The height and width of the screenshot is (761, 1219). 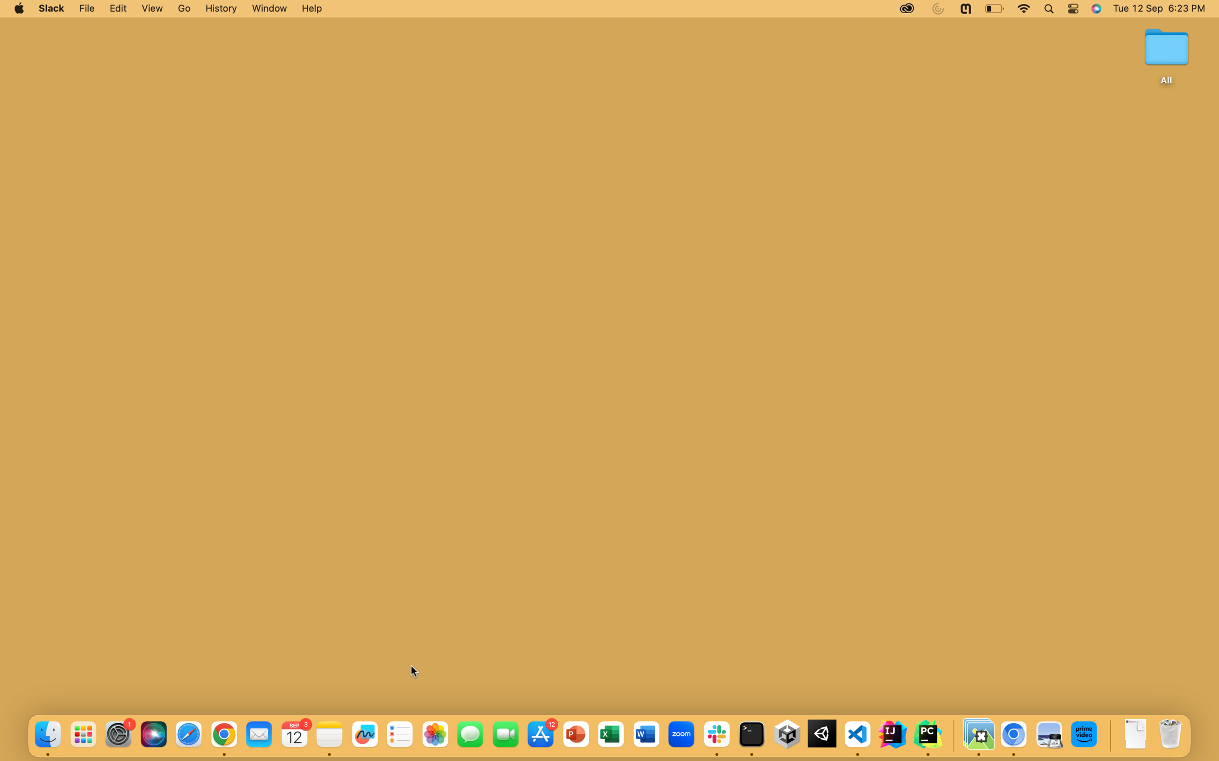 I want to click on Start the Finder App, so click(x=47, y=735).